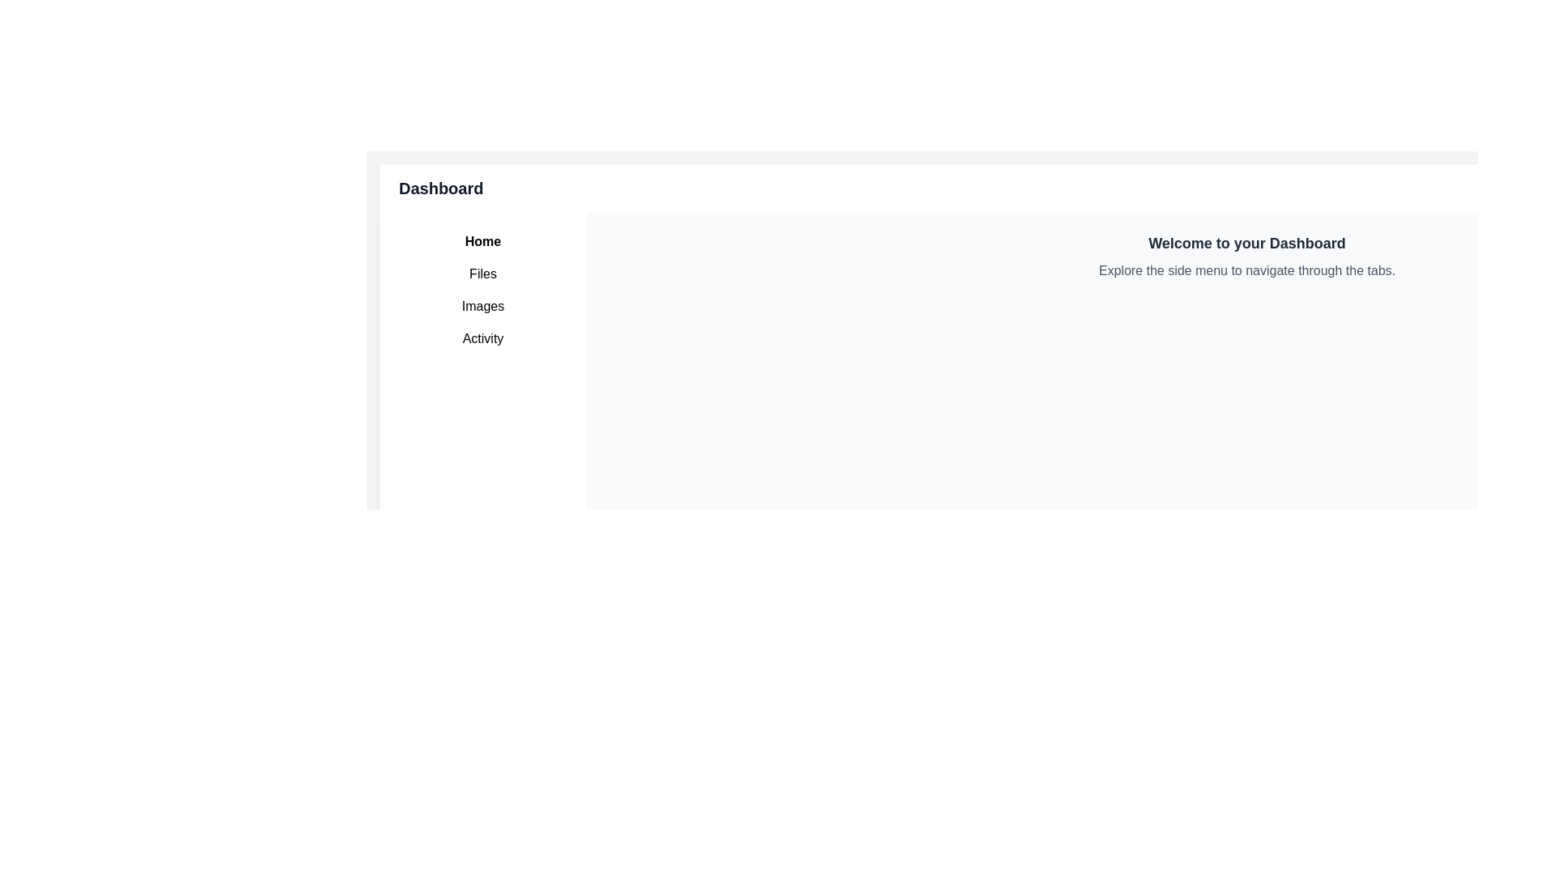 The width and height of the screenshot is (1554, 874). What do you see at coordinates (482, 274) in the screenshot?
I see `the 'Files' text label, which is the second item in a vertical list of navigation options` at bounding box center [482, 274].